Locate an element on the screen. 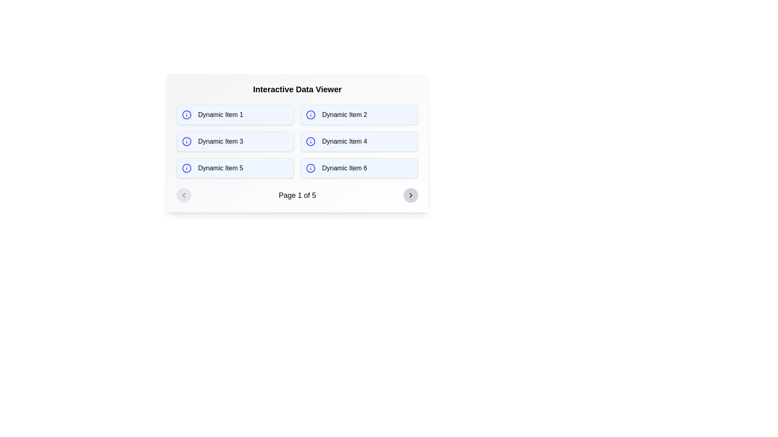 The width and height of the screenshot is (778, 437). the leftward arrow icon within the circular button is located at coordinates (184, 195).